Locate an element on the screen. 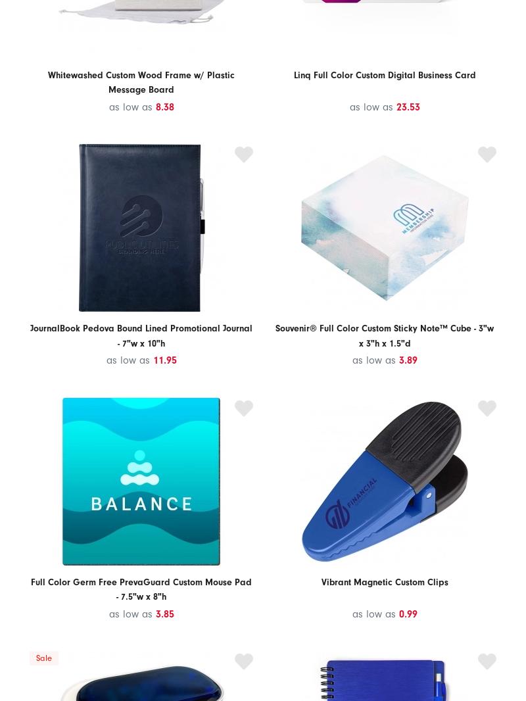 Image resolution: width=526 pixels, height=701 pixels. '23.53' is located at coordinates (408, 106).